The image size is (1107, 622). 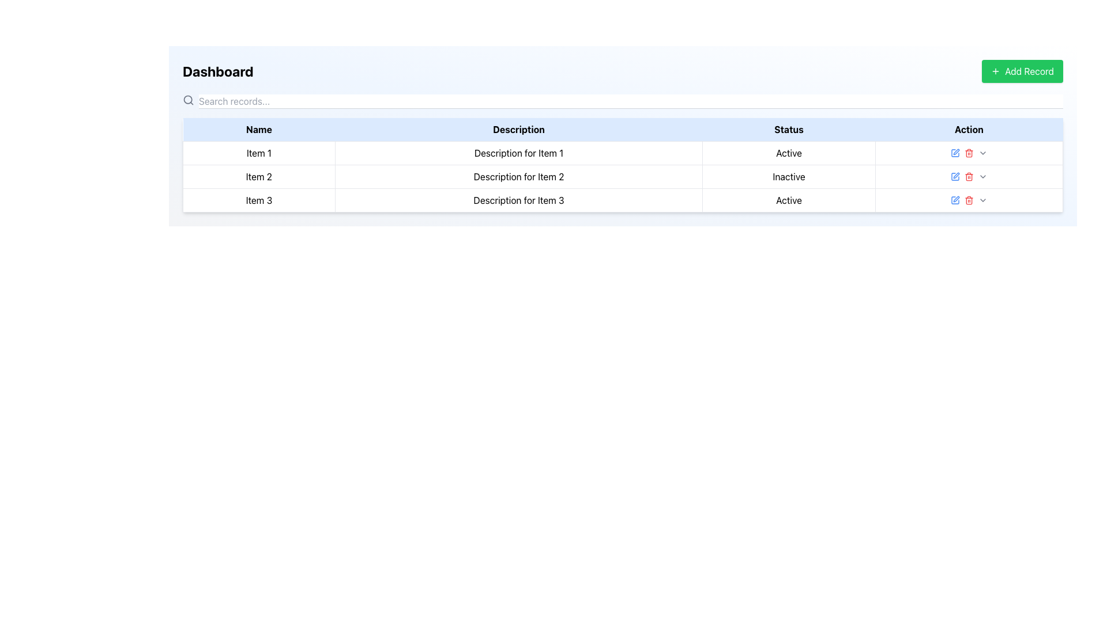 I want to click on the blue button with a pen icon in the 'Action' column of the second row, so click(x=955, y=177).